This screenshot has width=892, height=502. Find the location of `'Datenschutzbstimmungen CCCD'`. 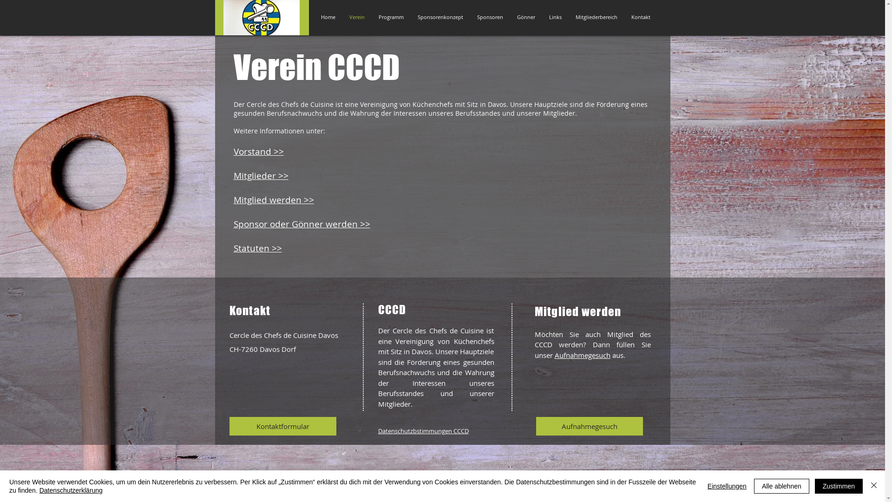

'Datenschutzbstimmungen CCCD' is located at coordinates (423, 430).